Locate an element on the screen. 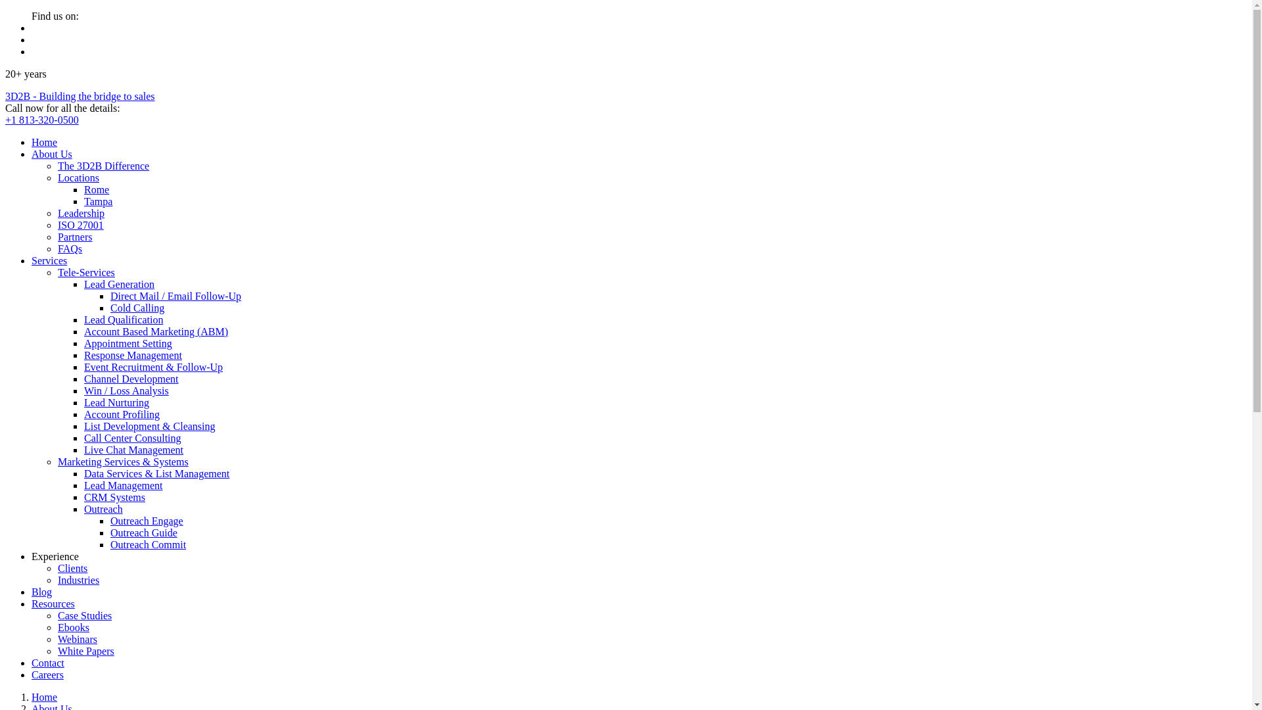 The width and height of the screenshot is (1262, 710). 'Skip to main content' is located at coordinates (5, 11).